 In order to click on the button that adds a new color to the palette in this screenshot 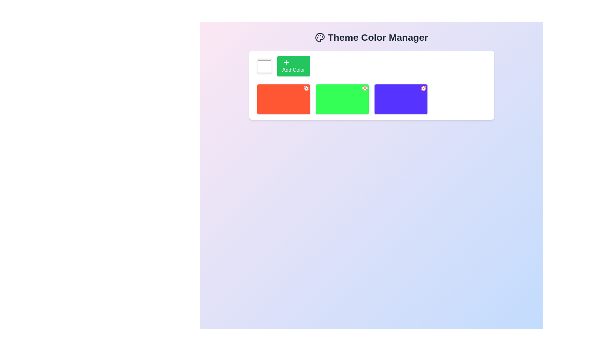, I will do `click(293, 66)`.